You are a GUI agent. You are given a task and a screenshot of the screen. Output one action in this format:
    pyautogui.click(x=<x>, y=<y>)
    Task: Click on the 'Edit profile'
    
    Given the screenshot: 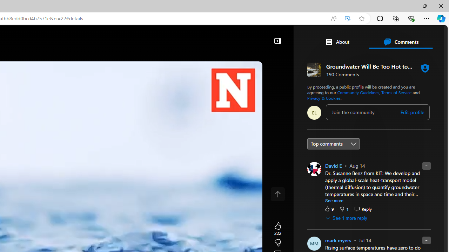 What is the action you would take?
    pyautogui.click(x=412, y=112)
    